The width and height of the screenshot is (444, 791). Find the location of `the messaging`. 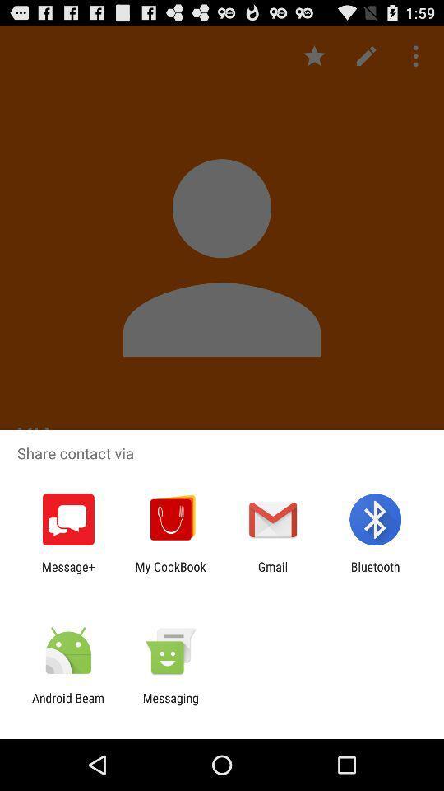

the messaging is located at coordinates (169, 704).